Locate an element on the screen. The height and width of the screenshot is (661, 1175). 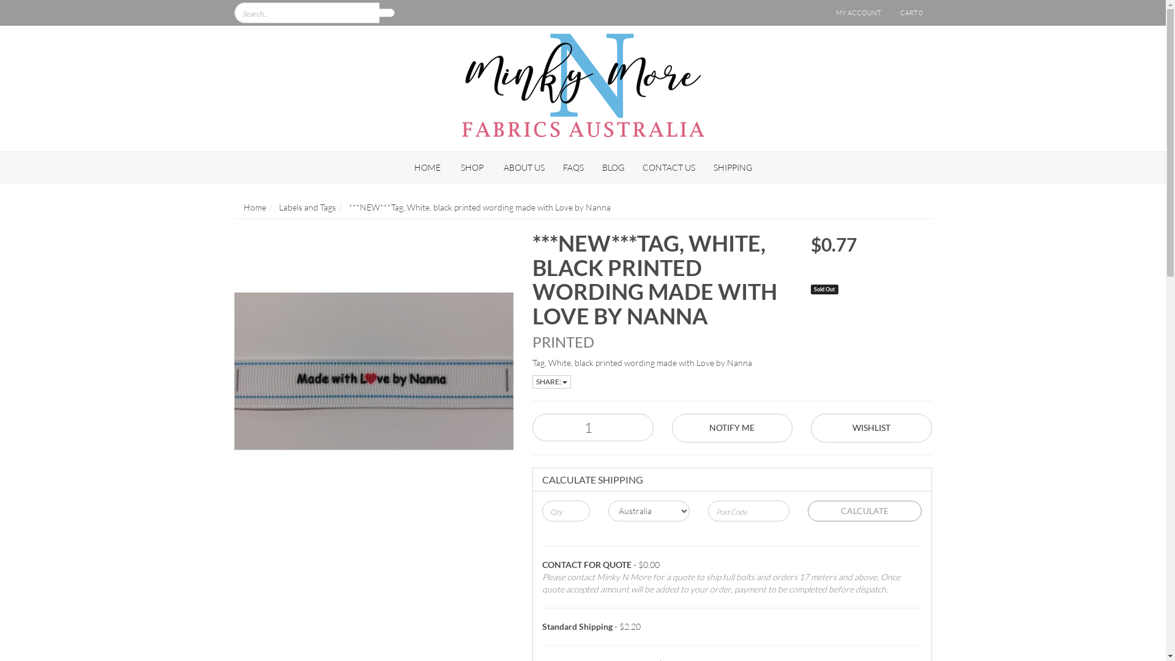
'WISHLIST' is located at coordinates (871, 427).